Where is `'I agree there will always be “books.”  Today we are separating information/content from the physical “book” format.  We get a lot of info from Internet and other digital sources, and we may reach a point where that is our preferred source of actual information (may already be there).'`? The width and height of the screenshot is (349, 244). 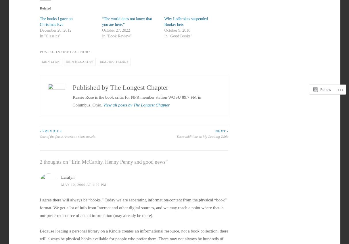
'I agree there will always be “books.”  Today we are separating information/content from the physical “book” format.  We get a lot of info from Internet and other digital sources, and we may reach a point where that is our preferred source of actual information (may already be there).' is located at coordinates (133, 207).